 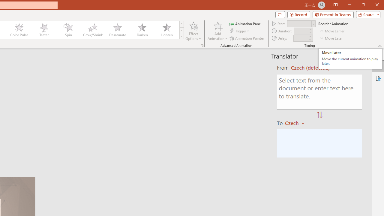 I want to click on 'Czech (detected)', so click(x=311, y=67).